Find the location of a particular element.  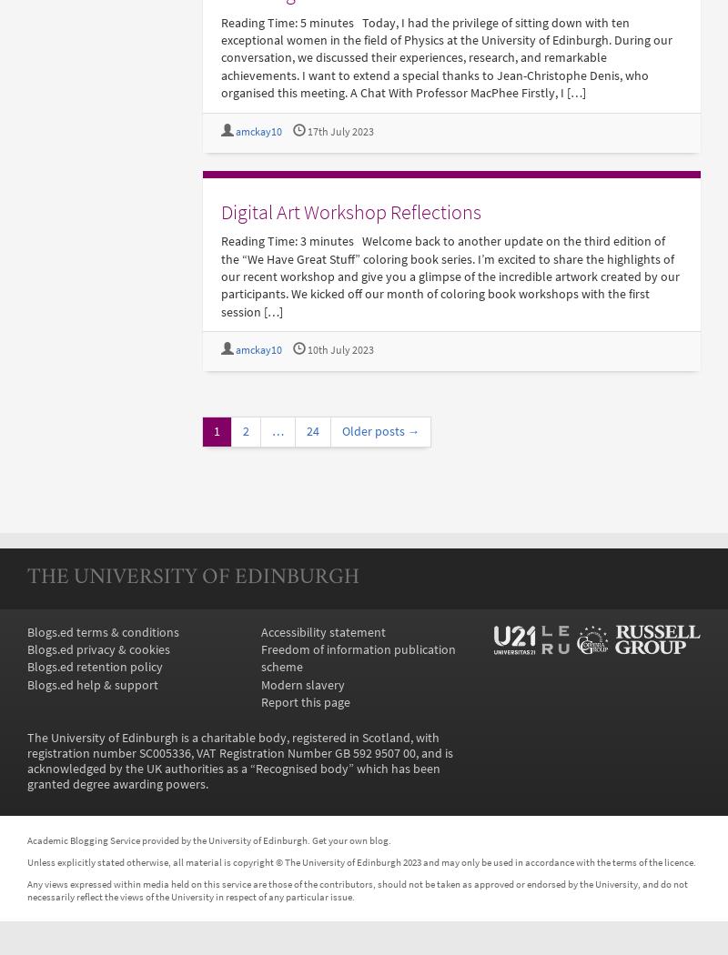

'Accessibility statement' is located at coordinates (322, 631).